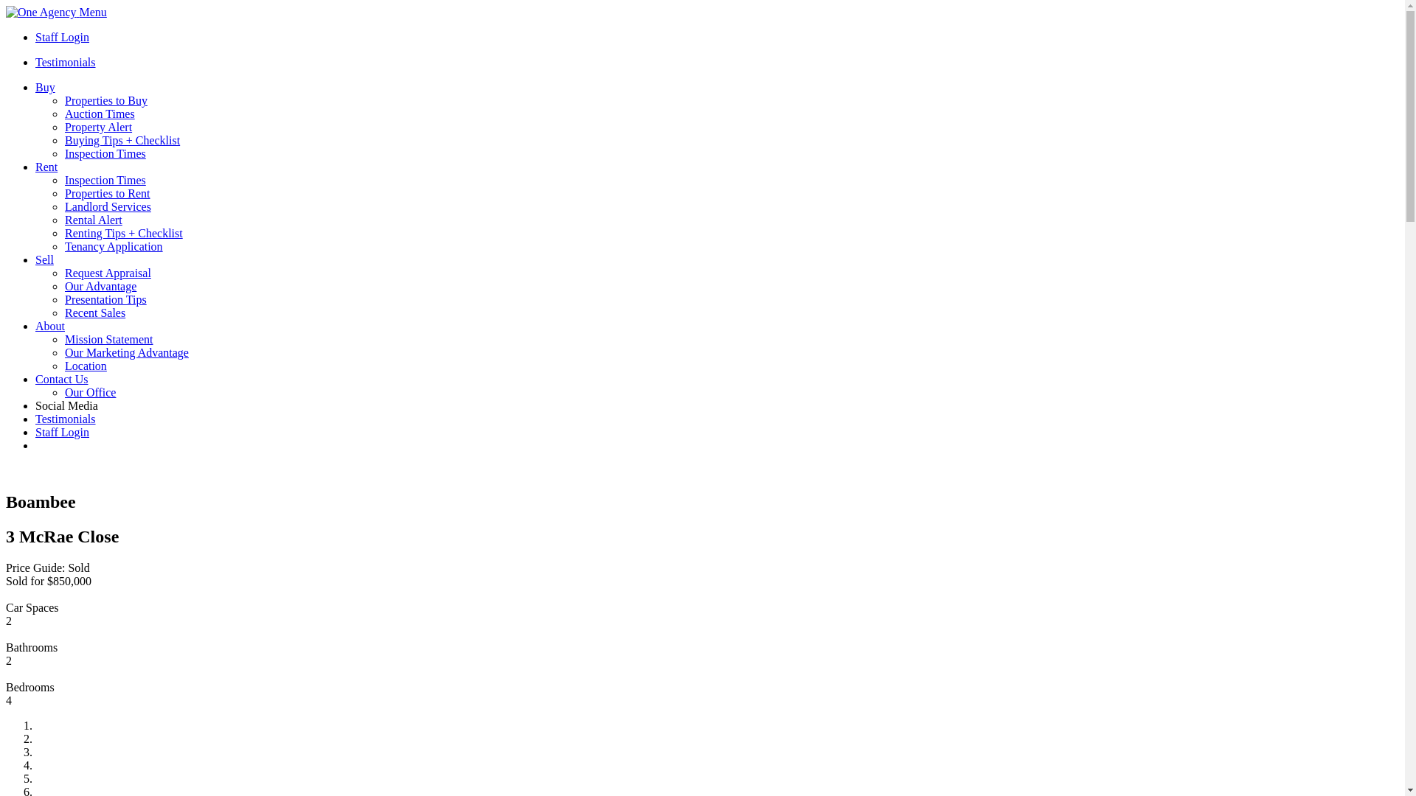 Image resolution: width=1416 pixels, height=796 pixels. What do you see at coordinates (92, 220) in the screenshot?
I see `'Rental Alert'` at bounding box center [92, 220].